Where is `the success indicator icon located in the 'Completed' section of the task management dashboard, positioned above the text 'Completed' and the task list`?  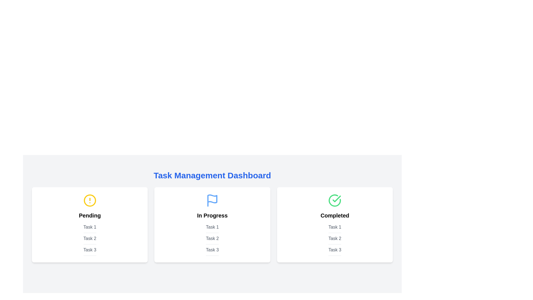
the success indicator icon located in the 'Completed' section of the task management dashboard, positioned above the text 'Completed' and the task list is located at coordinates (335, 200).